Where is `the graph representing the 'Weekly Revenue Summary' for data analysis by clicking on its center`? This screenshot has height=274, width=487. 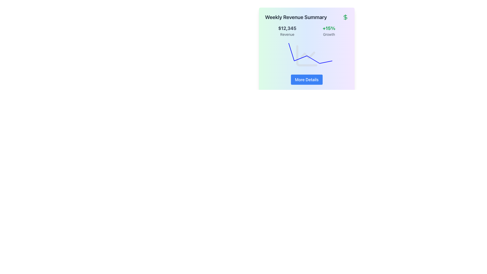 the graph representing the 'Weekly Revenue Summary' for data analysis by clicking on its center is located at coordinates (306, 56).